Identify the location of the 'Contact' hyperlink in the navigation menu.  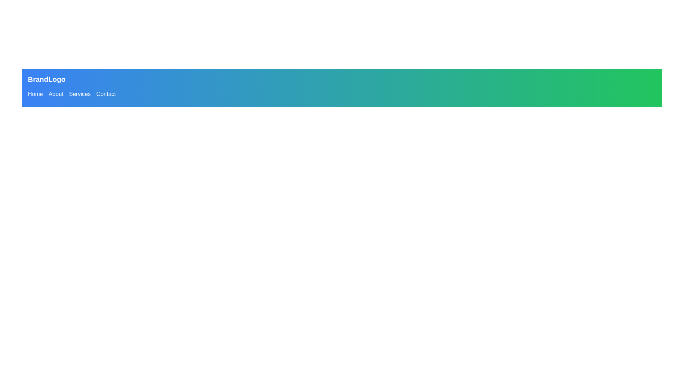
(106, 93).